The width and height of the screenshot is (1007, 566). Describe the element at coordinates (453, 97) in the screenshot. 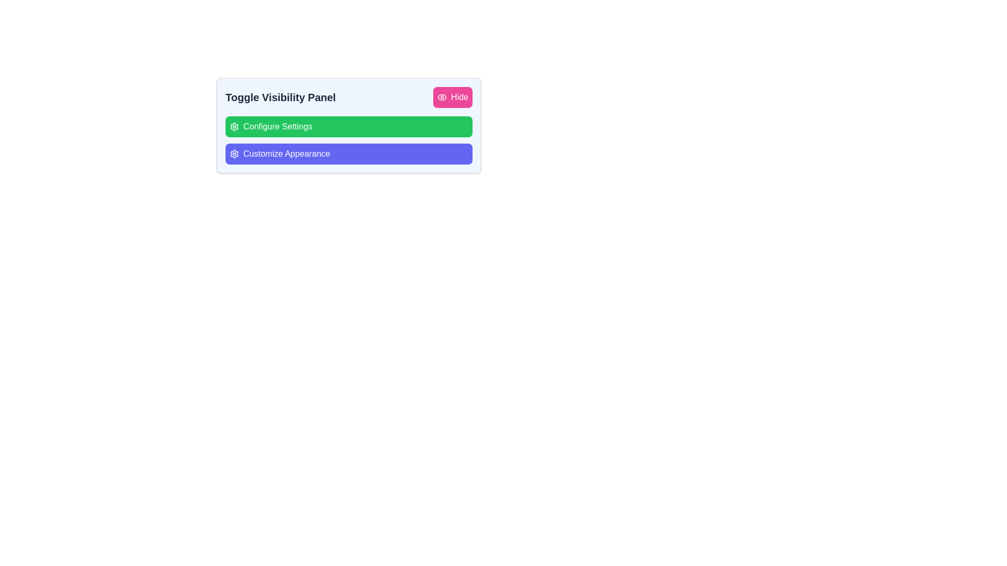

I see `the button on the far right of the 'Toggle Visibility Panel' section` at that location.